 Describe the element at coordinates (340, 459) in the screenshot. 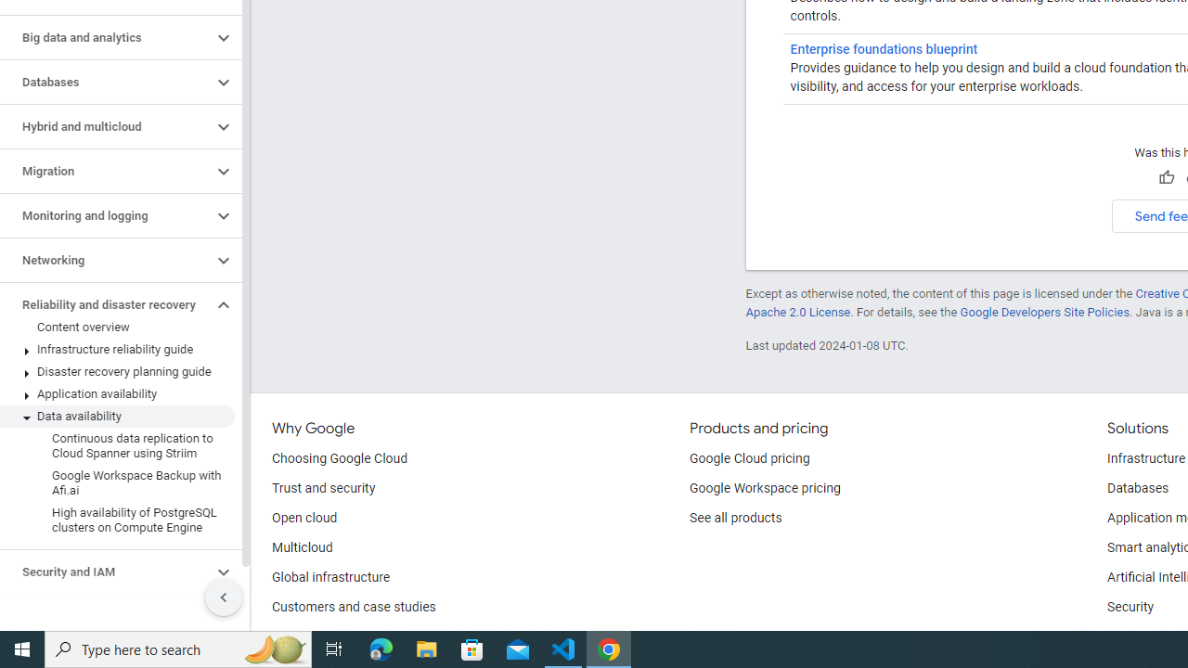

I see `'Choosing Google Cloud'` at that location.